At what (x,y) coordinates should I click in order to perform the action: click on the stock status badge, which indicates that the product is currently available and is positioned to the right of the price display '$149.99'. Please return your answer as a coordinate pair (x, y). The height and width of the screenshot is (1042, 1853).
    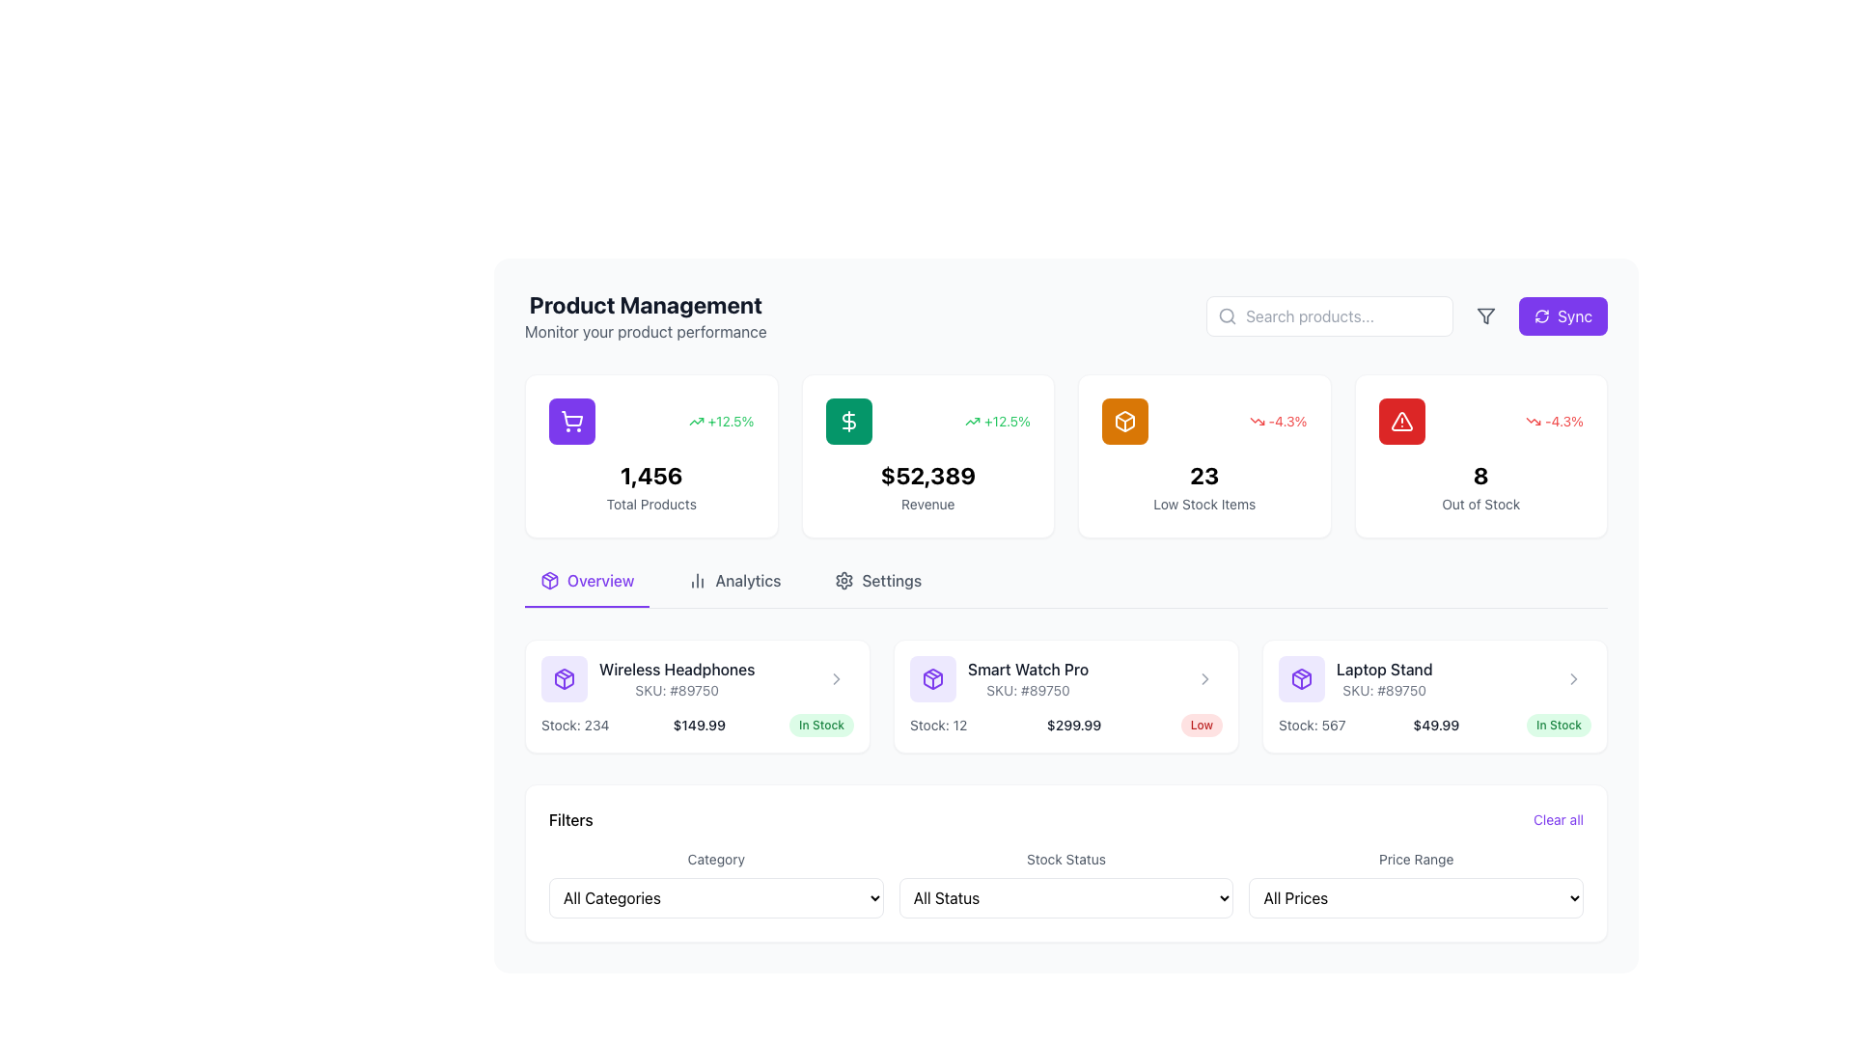
    Looking at the image, I should click on (821, 726).